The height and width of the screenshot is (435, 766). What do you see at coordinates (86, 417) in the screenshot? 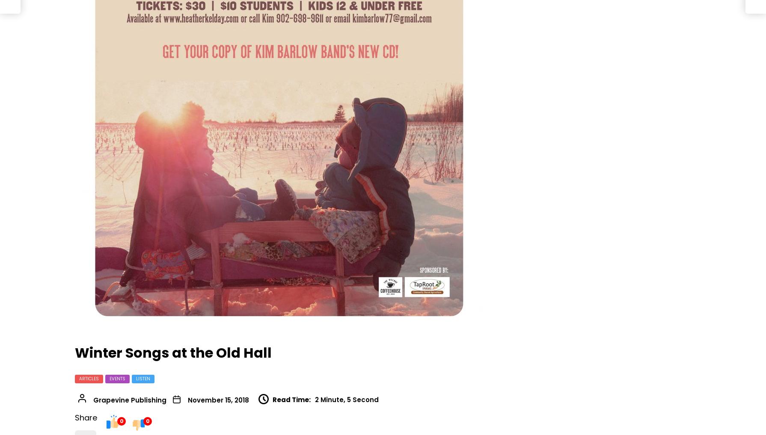
I see `'Share'` at bounding box center [86, 417].